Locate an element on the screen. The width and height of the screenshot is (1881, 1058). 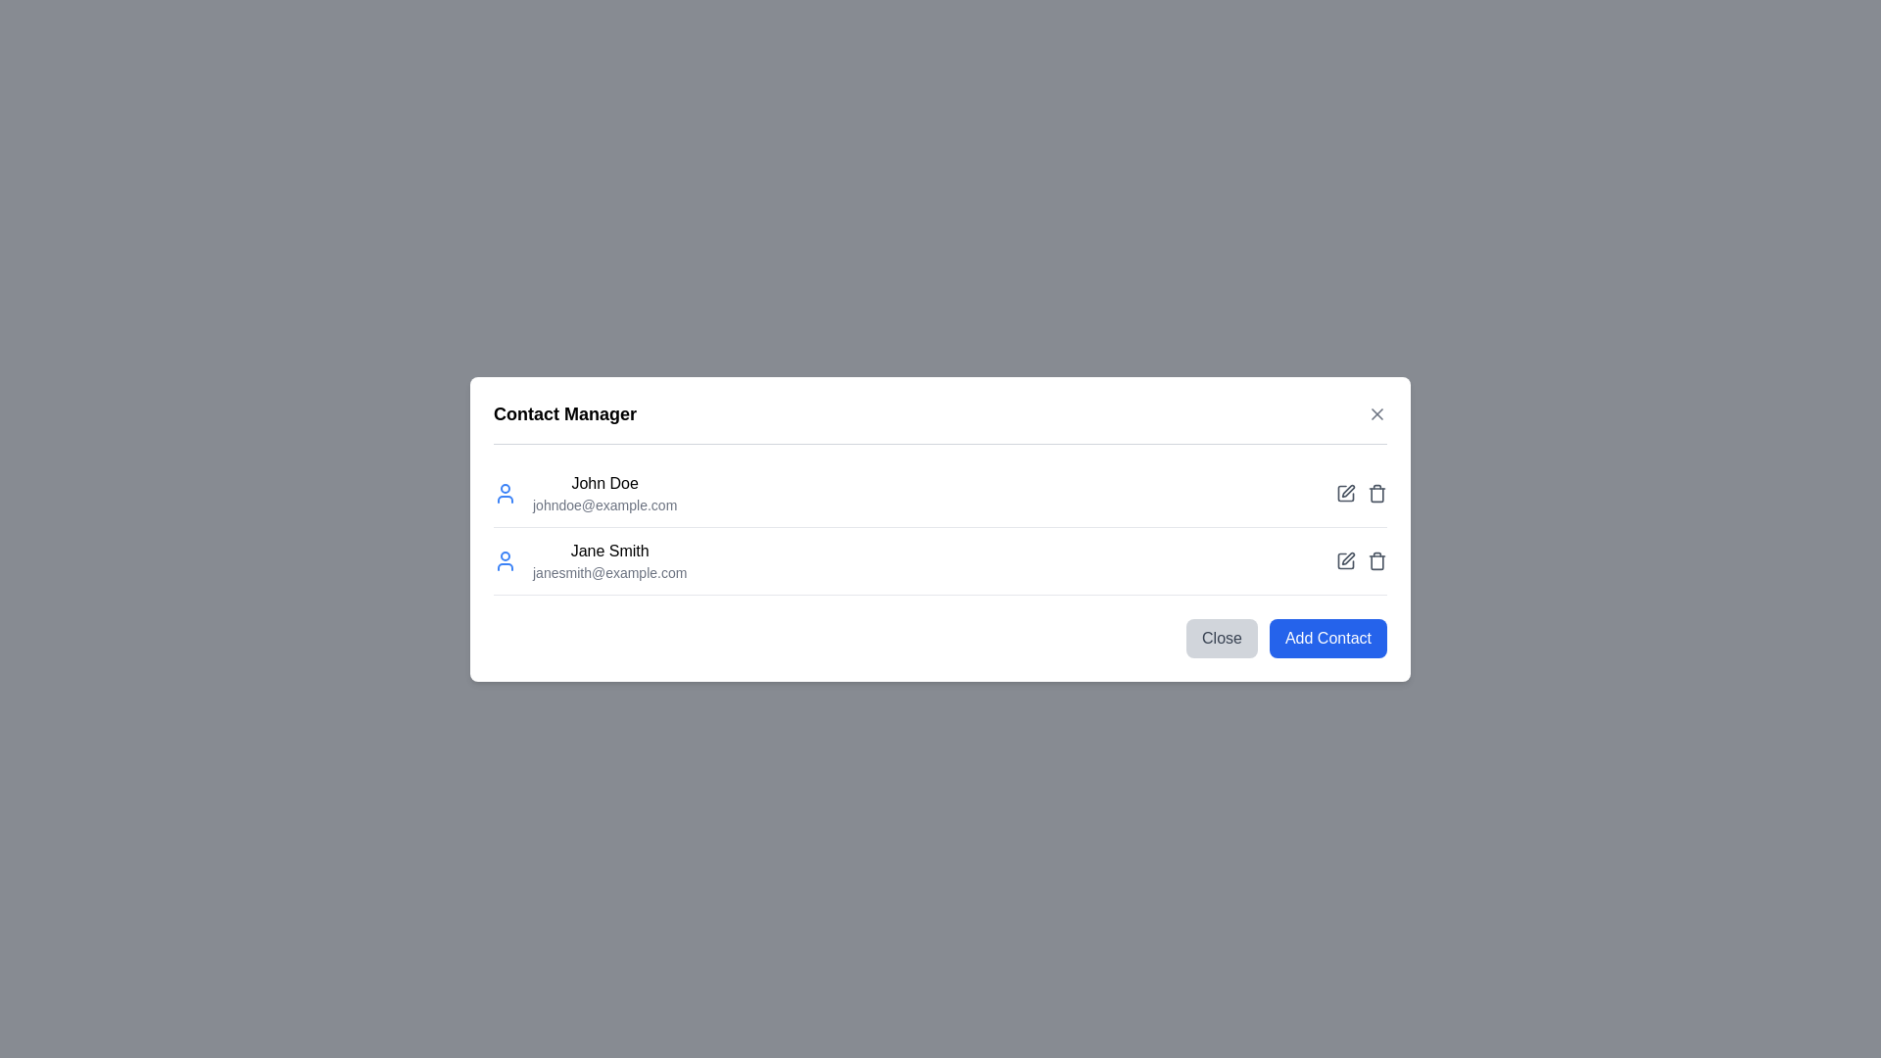
the email address display of the contact 'Jane Smith', located directly beneath their name in the second entry of the contact list is located at coordinates (608, 572).